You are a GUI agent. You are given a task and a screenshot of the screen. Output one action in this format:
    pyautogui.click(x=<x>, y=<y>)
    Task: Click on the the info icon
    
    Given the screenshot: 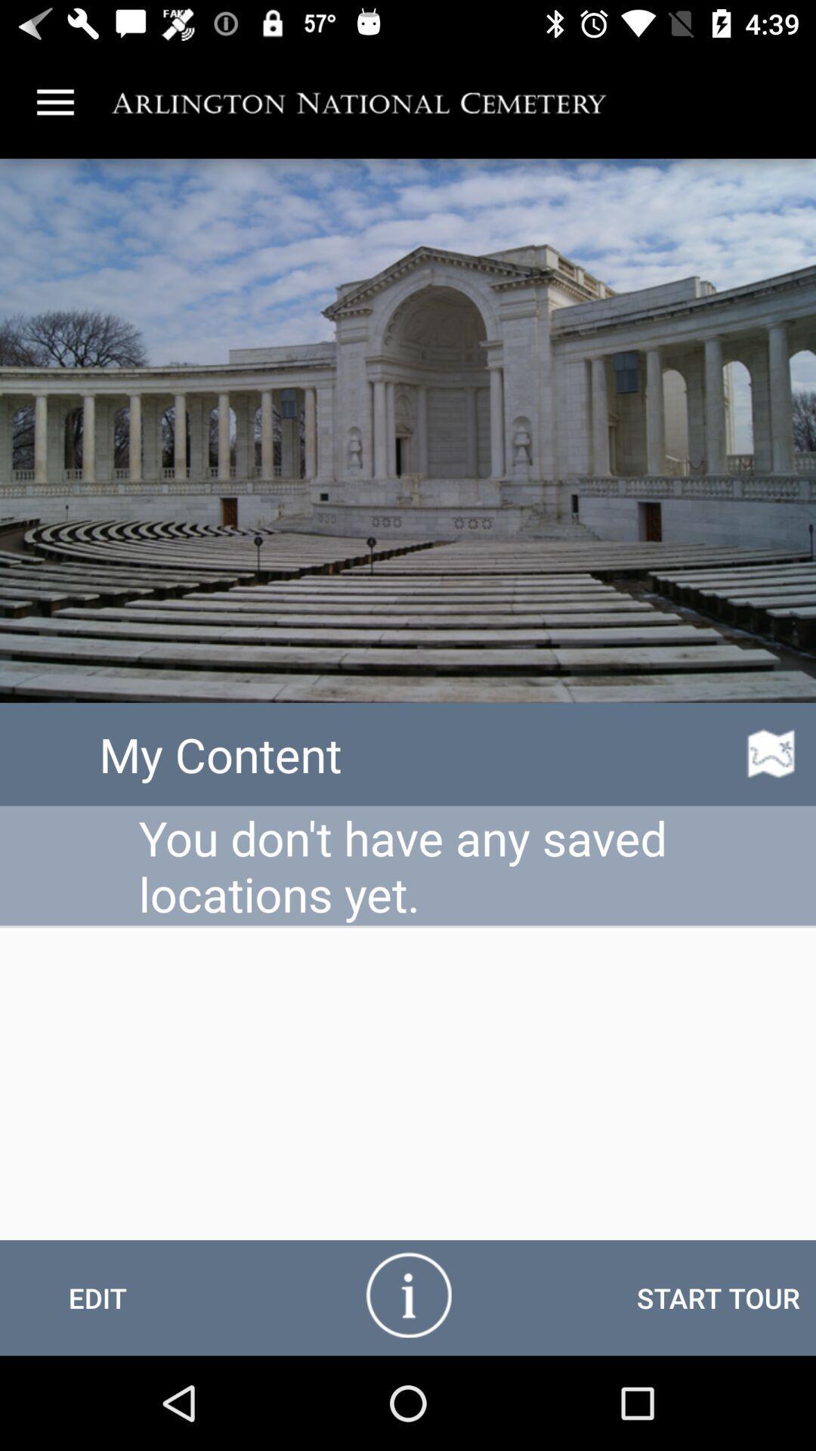 What is the action you would take?
    pyautogui.click(x=408, y=1293)
    